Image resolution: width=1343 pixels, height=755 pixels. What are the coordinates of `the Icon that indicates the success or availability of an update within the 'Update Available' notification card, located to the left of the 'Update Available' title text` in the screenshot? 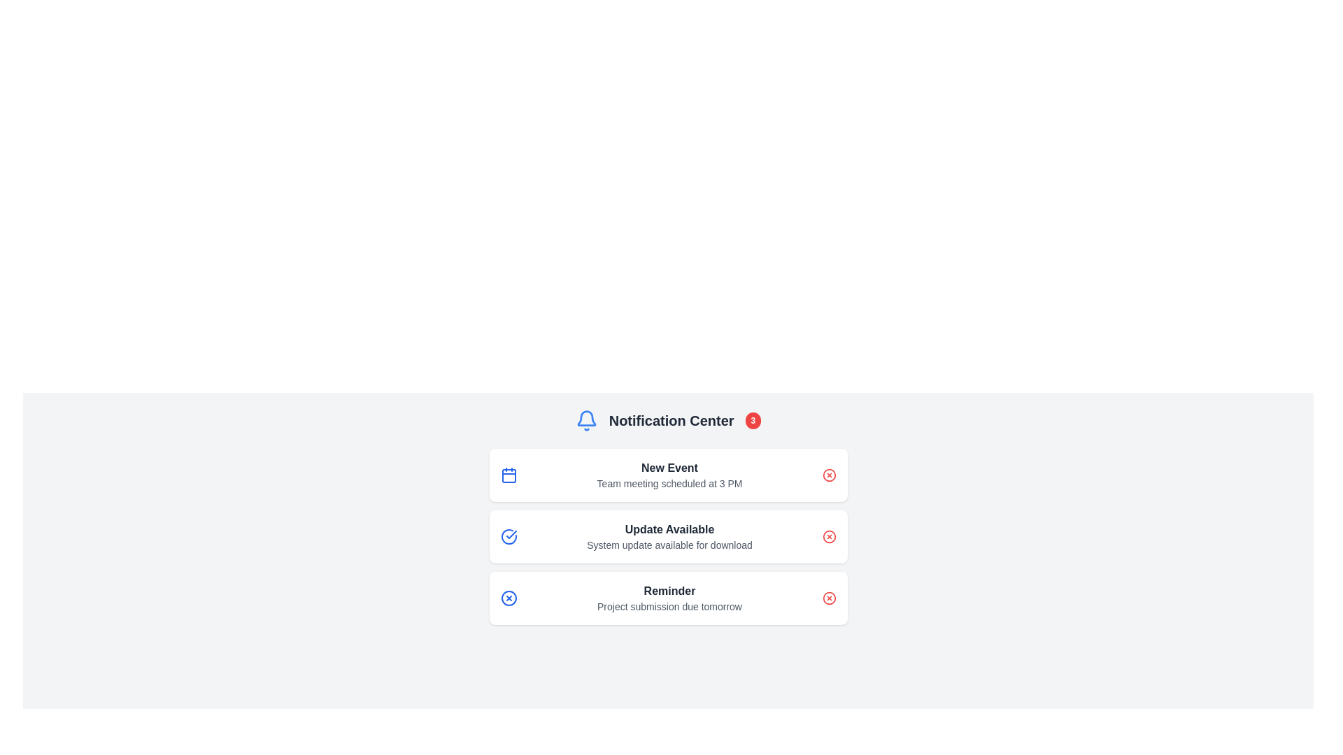 It's located at (508, 535).